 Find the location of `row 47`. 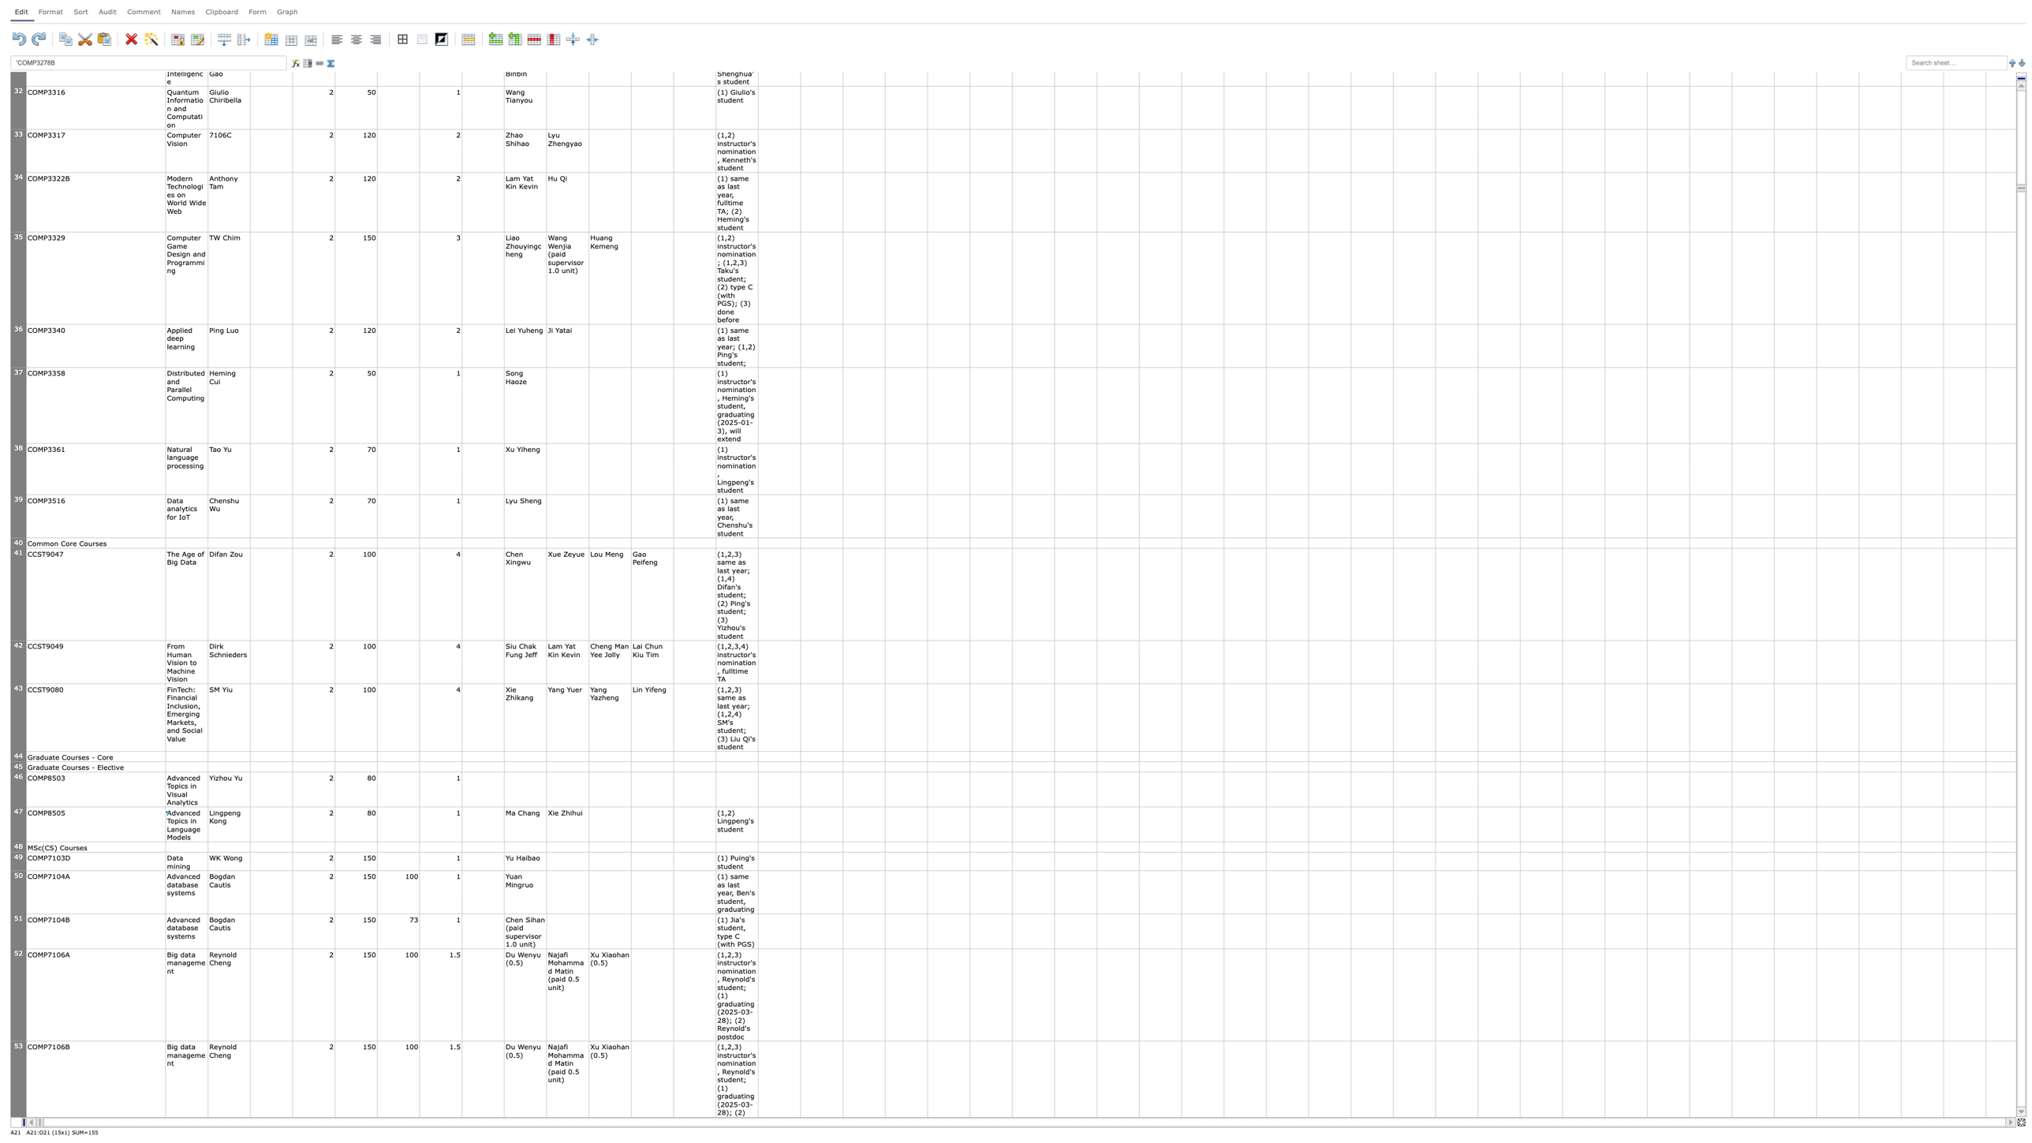

row 47 is located at coordinates (18, 824).